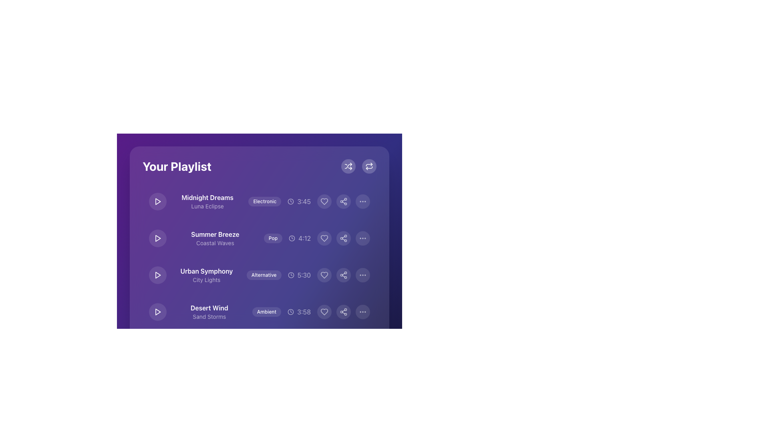 The width and height of the screenshot is (769, 432). Describe the element at coordinates (362, 274) in the screenshot. I see `the circular button with three horizontal dots, which has a light semi-transparent background and rounded edges` at that location.